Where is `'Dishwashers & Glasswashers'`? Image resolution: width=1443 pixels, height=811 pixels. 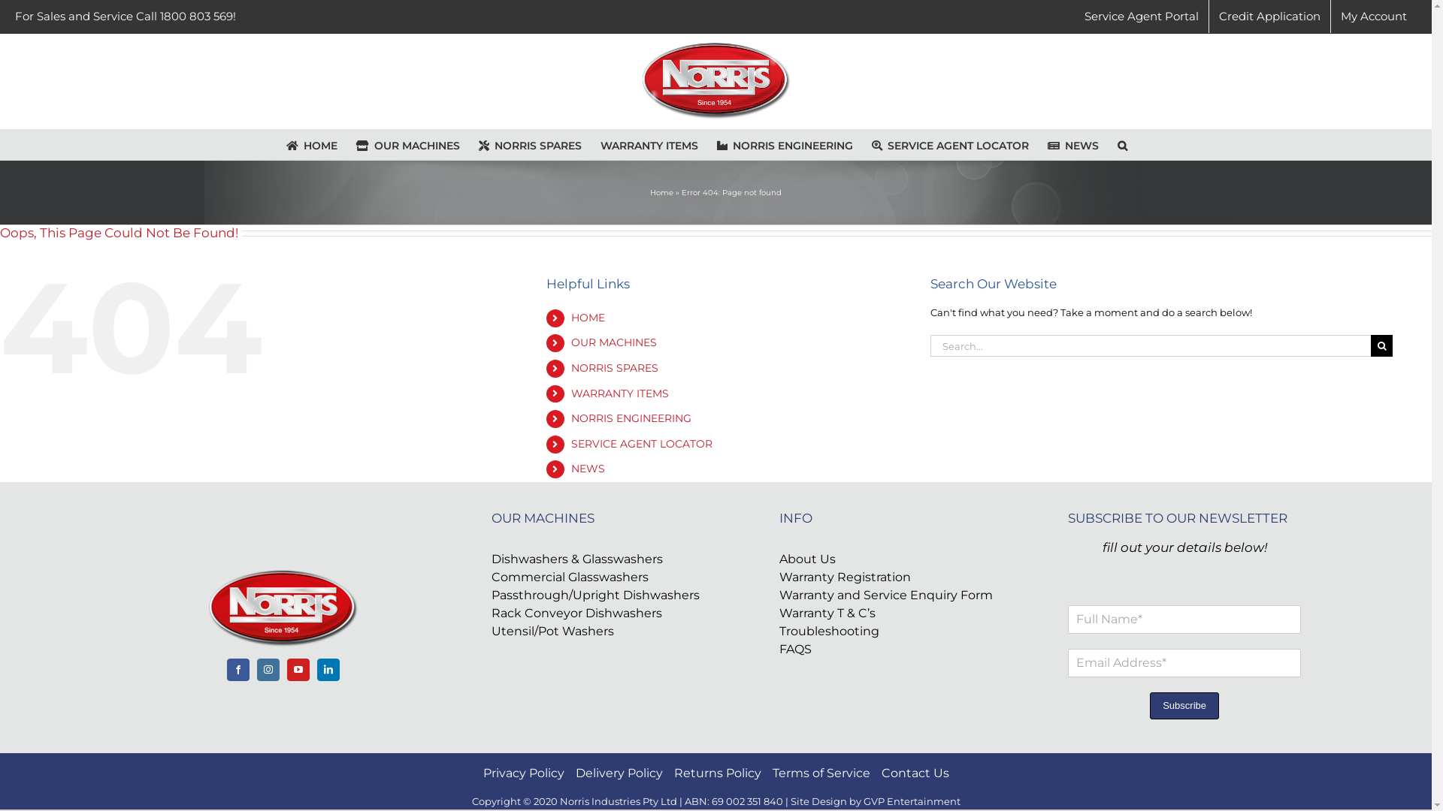 'Dishwashers & Glasswashers' is located at coordinates (608, 559).